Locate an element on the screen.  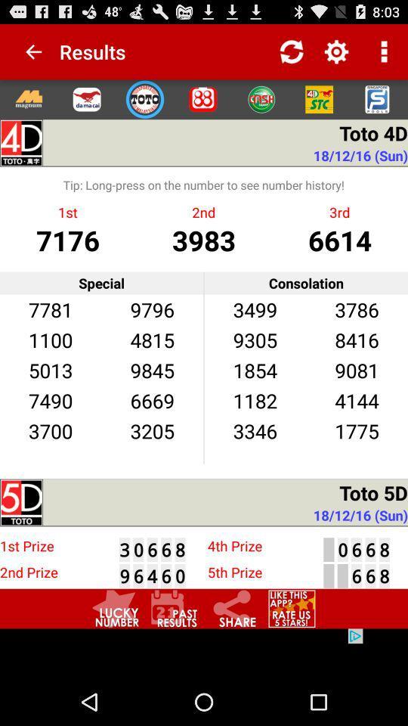
choose number is located at coordinates (115, 609).